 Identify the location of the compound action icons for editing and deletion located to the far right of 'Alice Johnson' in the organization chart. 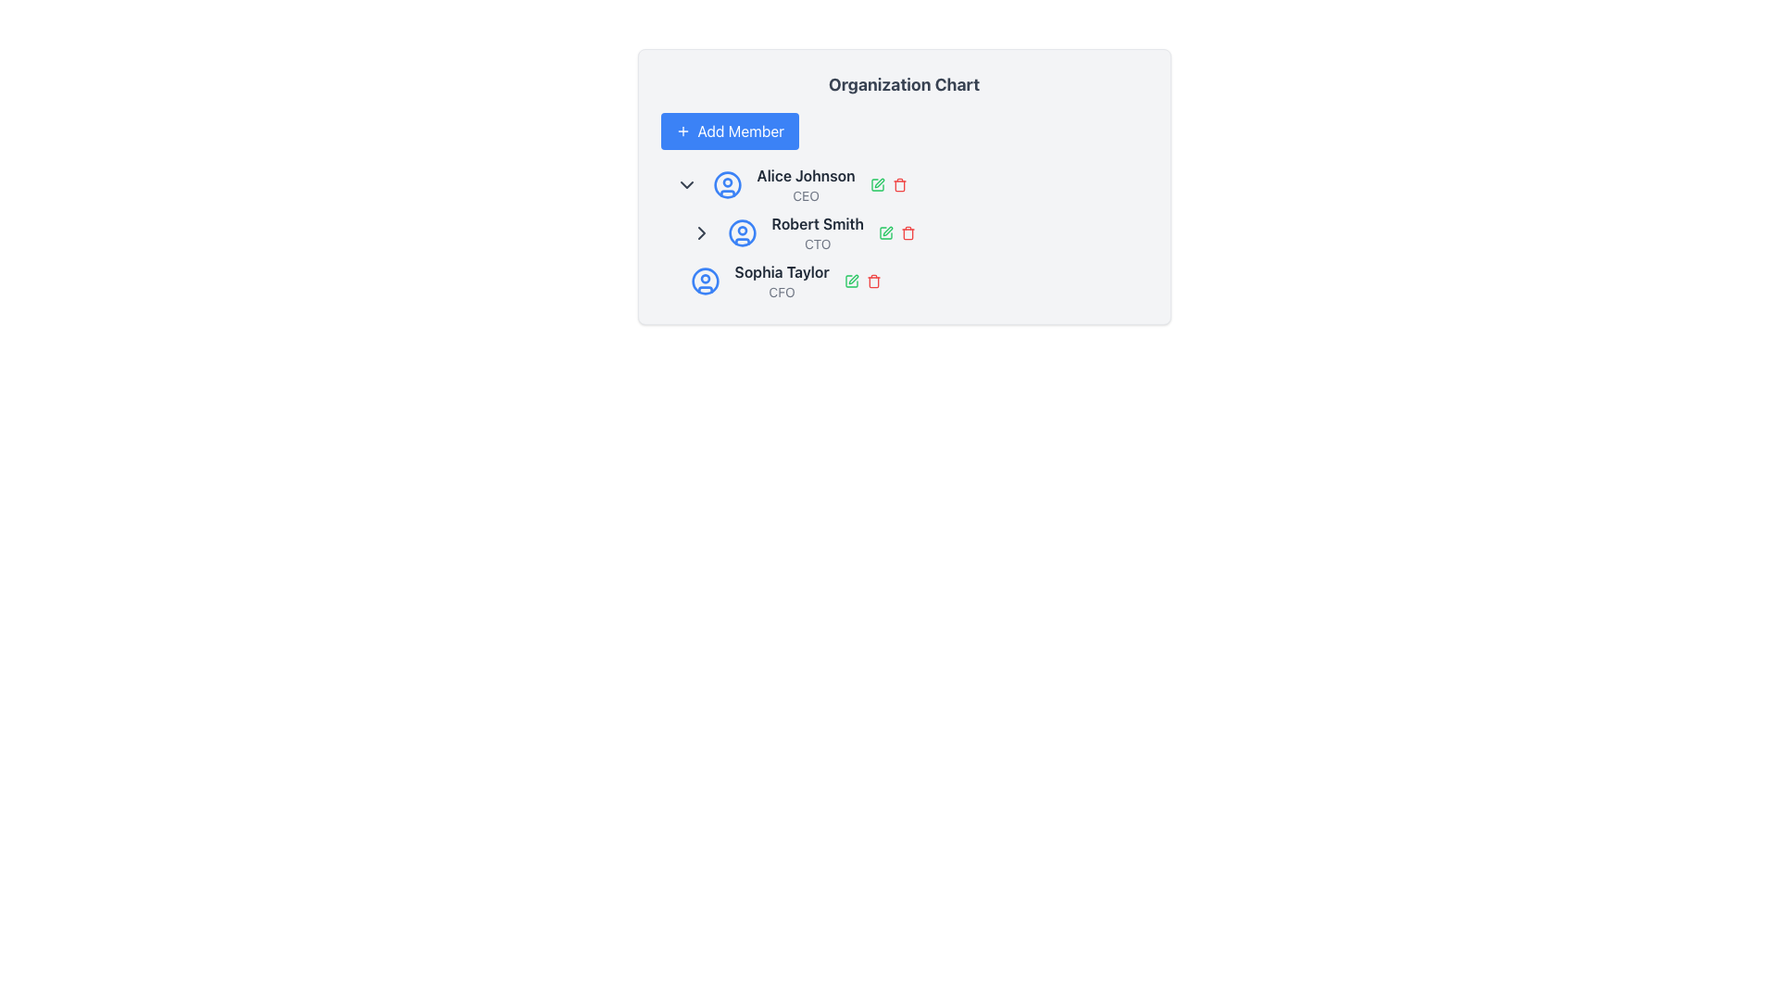
(887, 185).